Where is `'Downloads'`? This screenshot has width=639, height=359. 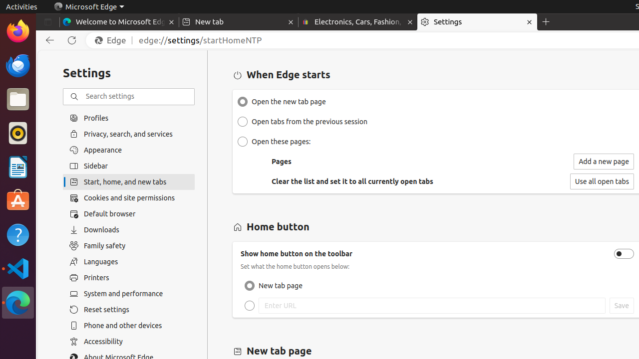 'Downloads' is located at coordinates (128, 230).